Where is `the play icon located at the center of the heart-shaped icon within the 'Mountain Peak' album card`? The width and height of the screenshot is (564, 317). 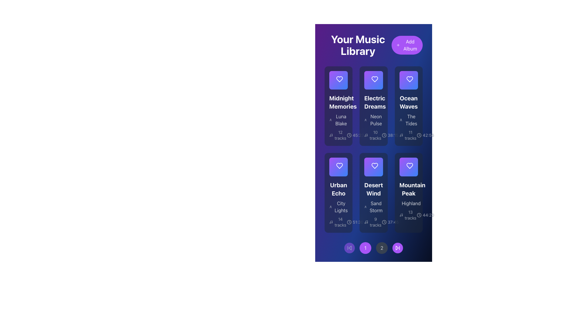 the play icon located at the center of the heart-shaped icon within the 'Mountain Peak' album card is located at coordinates (408, 167).